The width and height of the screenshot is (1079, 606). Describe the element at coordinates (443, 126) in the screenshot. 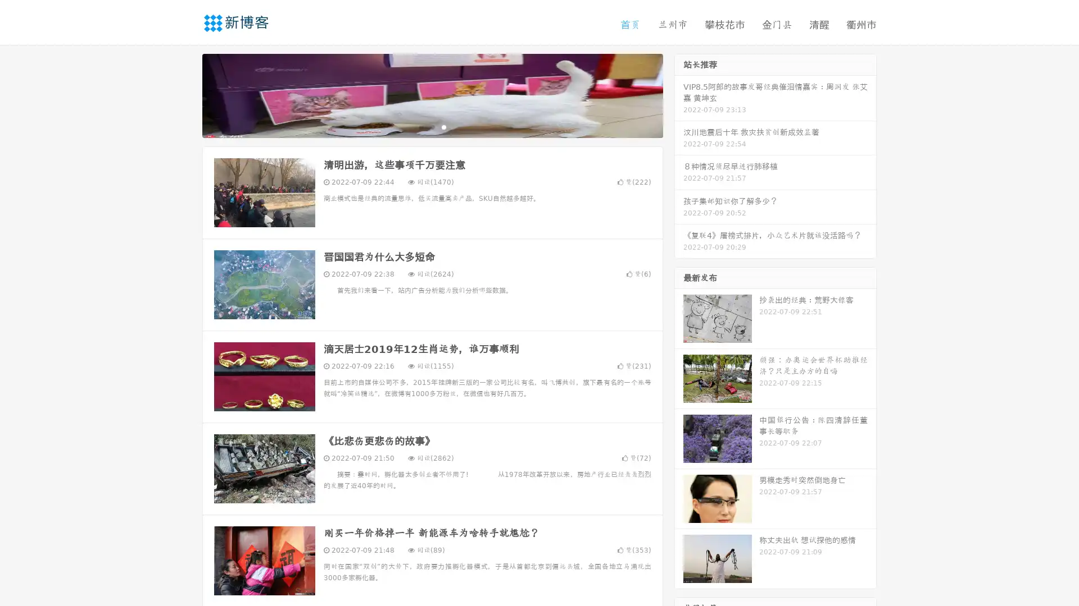

I see `Go to slide 3` at that location.